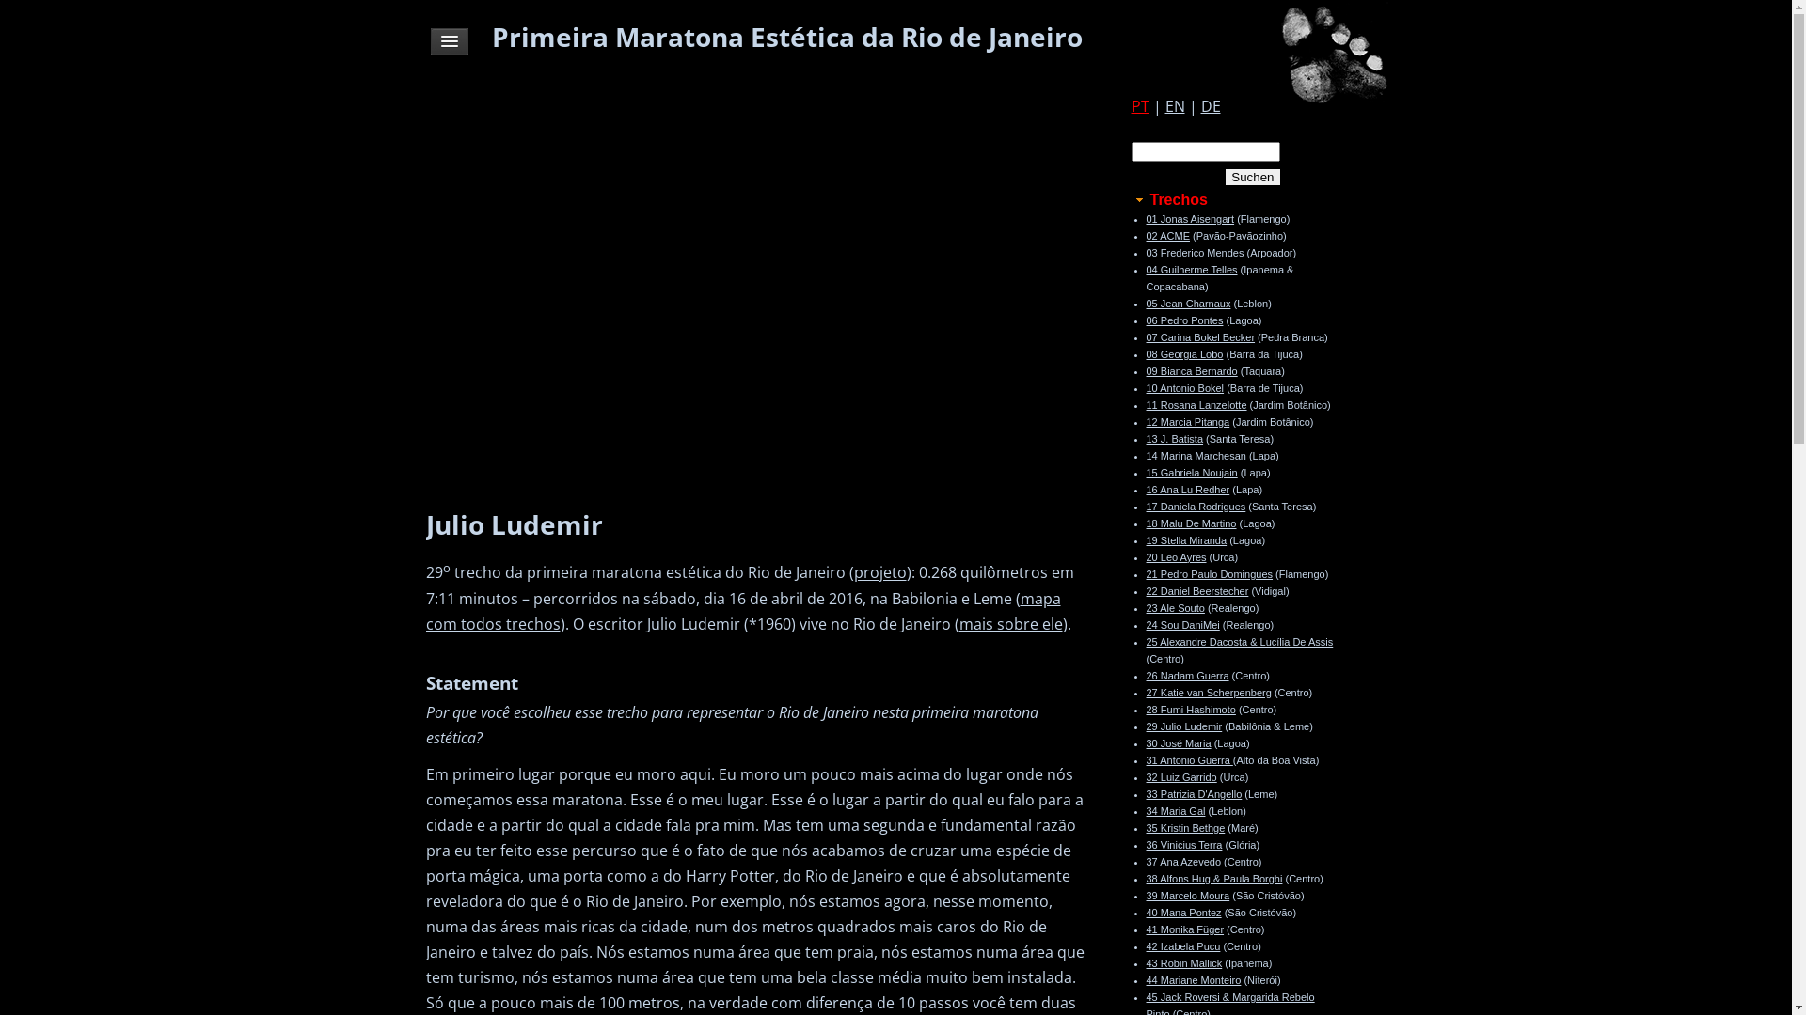  Describe the element at coordinates (1195, 456) in the screenshot. I see `'14 Marina Marchesan'` at that location.